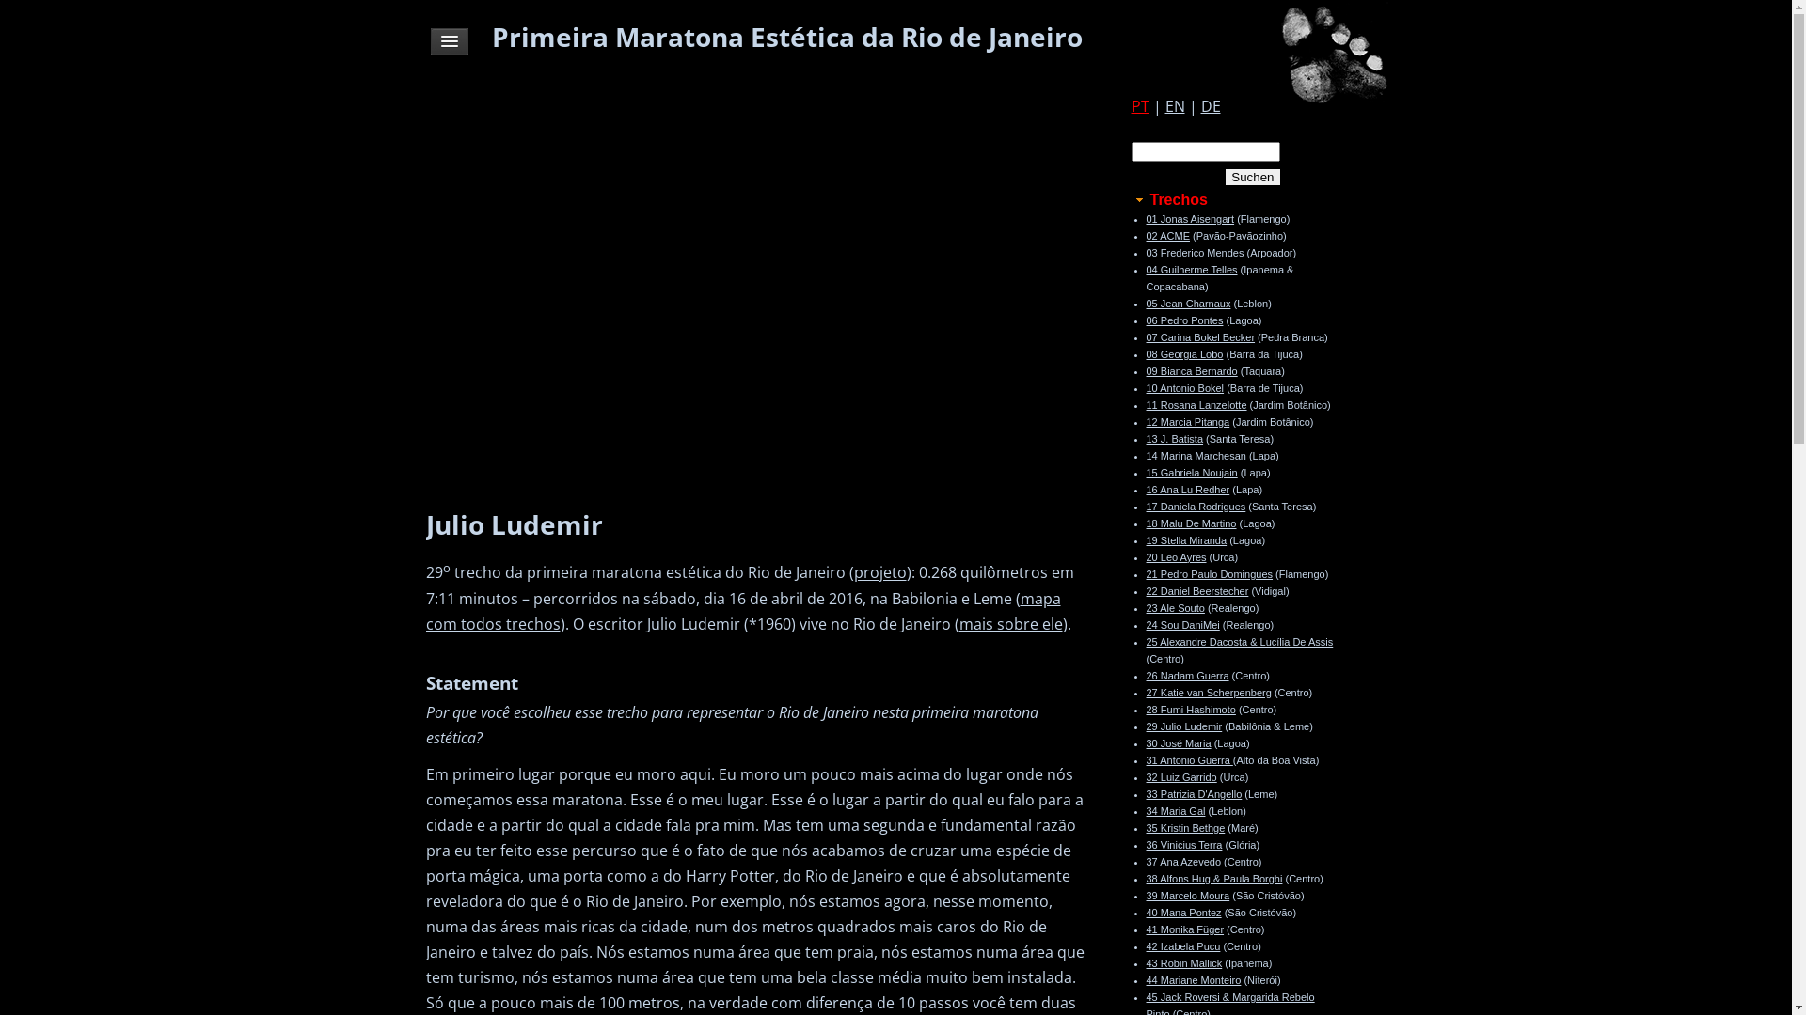  Describe the element at coordinates (1195, 456) in the screenshot. I see `'14 Marina Marchesan'` at that location.